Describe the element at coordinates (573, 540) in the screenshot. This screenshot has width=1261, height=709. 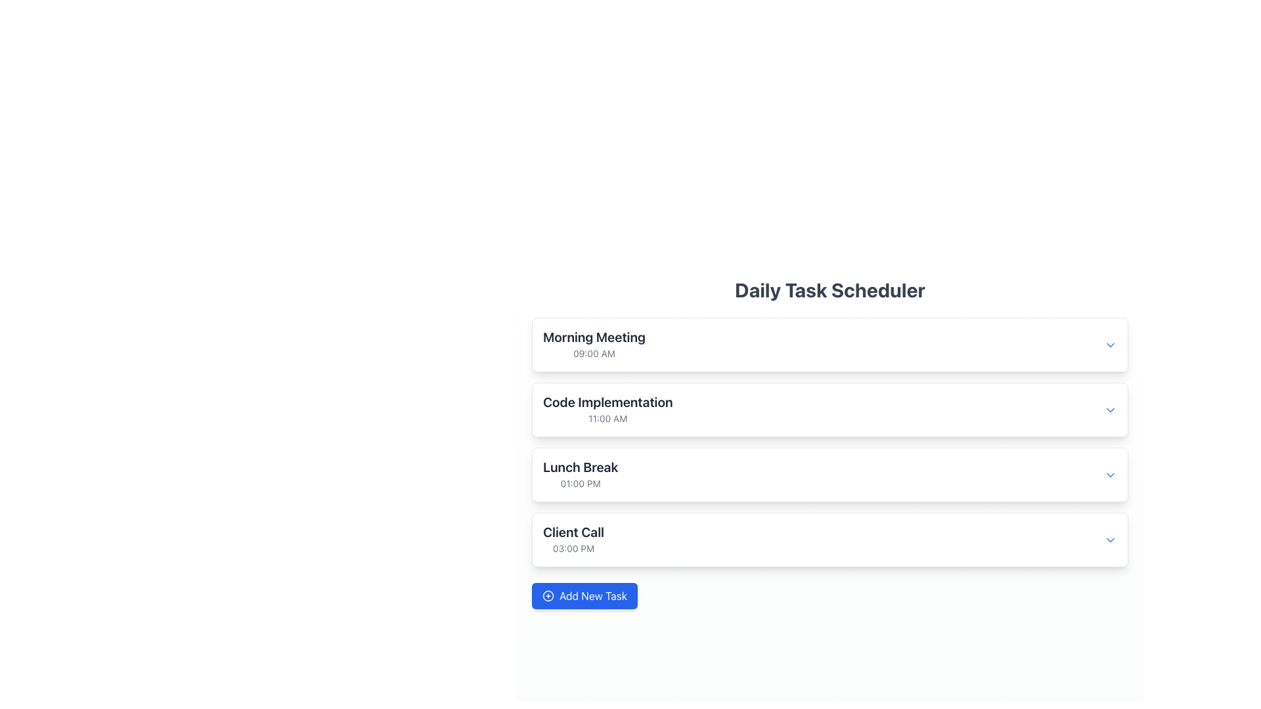
I see `the List item displaying 'Client Call' with the time '03:00 PM'` at that location.